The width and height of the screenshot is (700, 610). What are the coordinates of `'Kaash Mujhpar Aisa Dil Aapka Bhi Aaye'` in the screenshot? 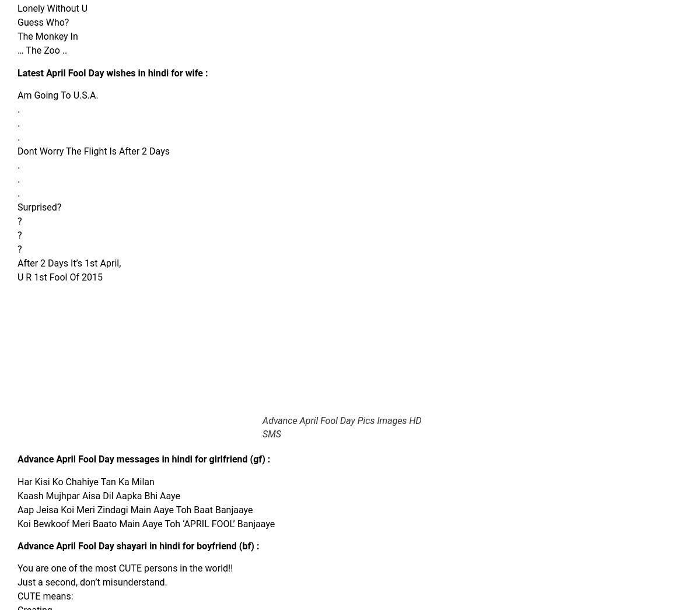 It's located at (98, 495).